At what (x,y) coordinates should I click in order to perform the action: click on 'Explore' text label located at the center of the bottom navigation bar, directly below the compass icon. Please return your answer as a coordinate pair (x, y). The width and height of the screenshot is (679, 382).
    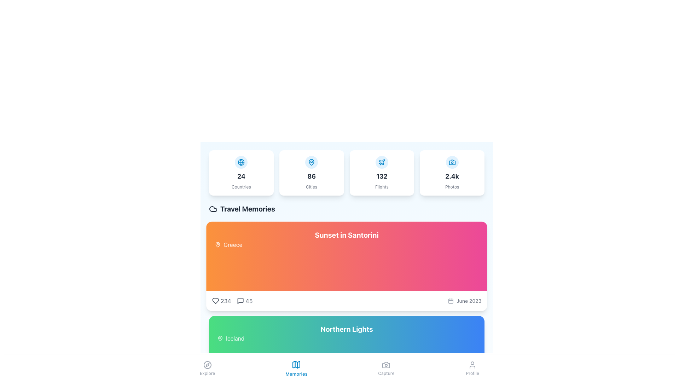
    Looking at the image, I should click on (207, 373).